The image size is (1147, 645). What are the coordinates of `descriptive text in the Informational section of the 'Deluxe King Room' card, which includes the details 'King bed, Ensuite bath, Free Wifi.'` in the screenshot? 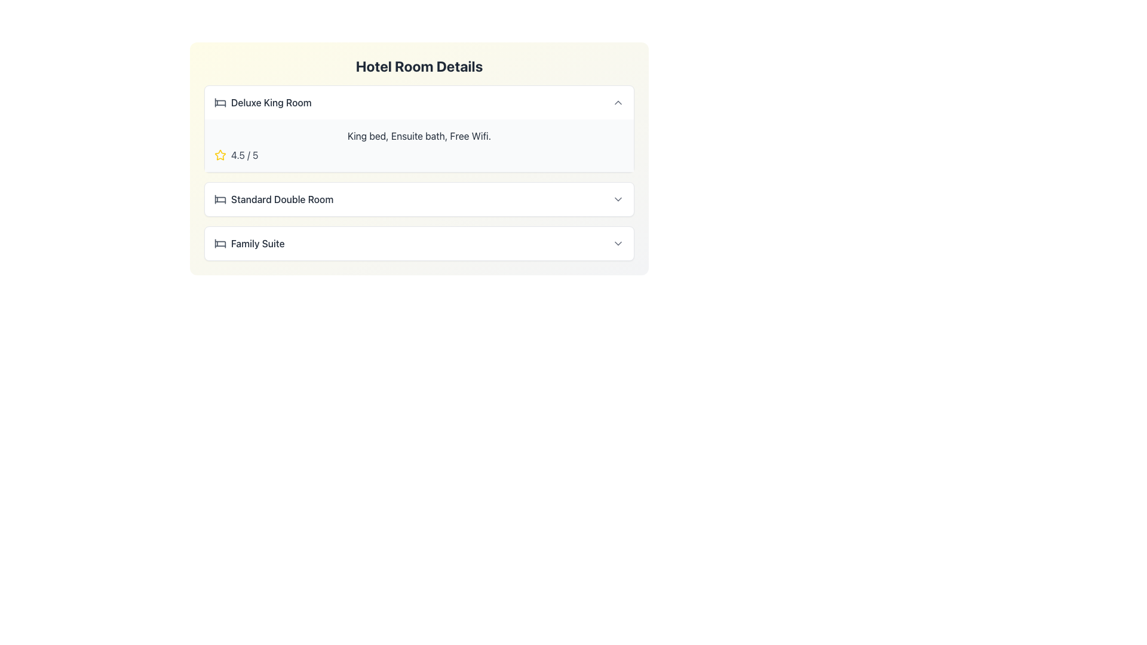 It's located at (419, 145).